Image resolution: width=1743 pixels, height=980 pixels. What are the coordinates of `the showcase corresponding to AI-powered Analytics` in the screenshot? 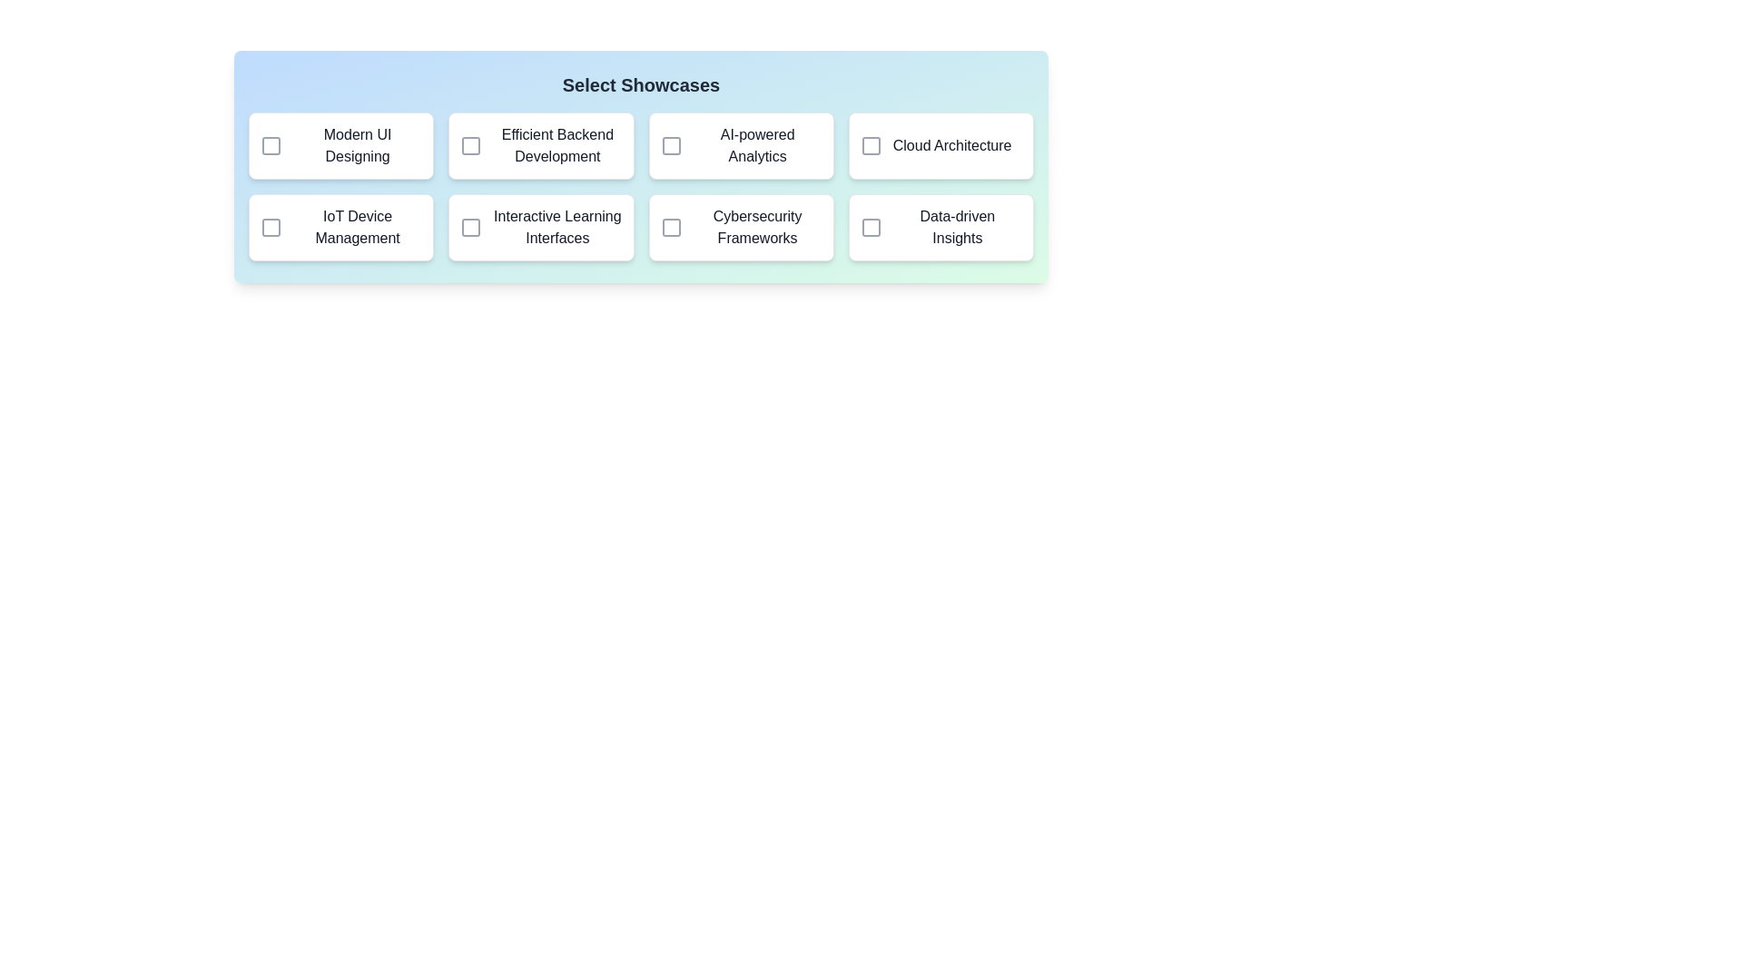 It's located at (670, 145).